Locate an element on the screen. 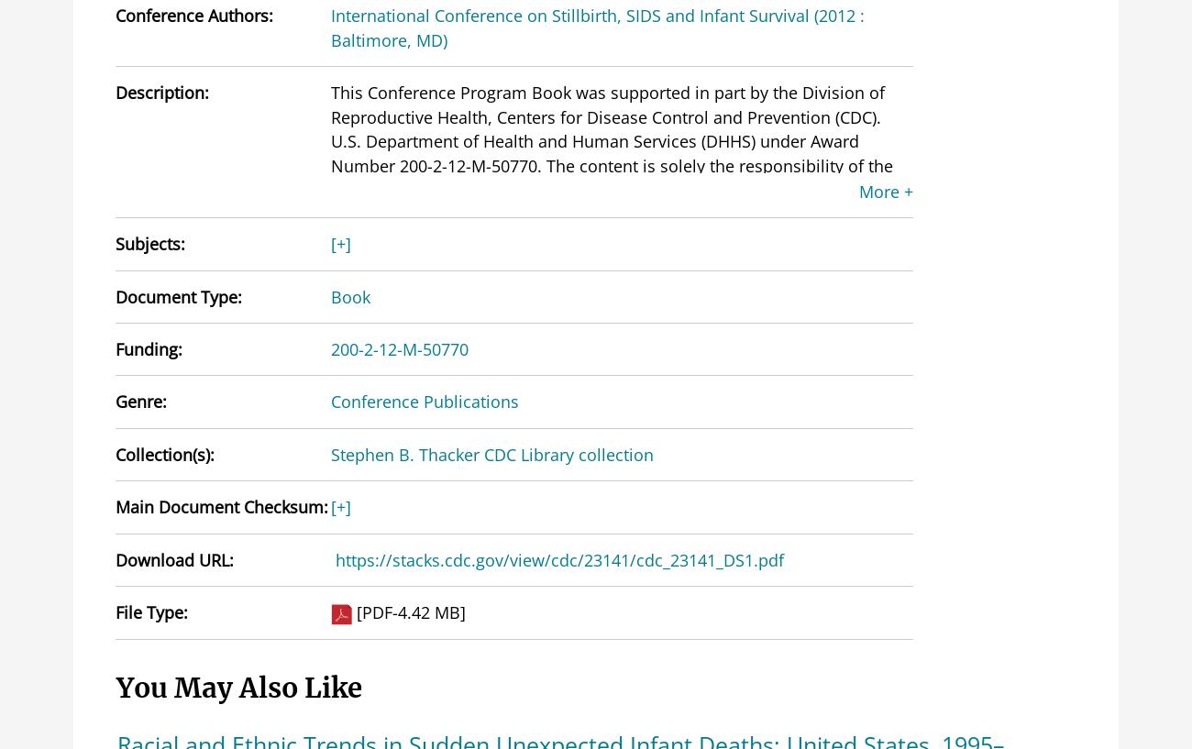  'Download URL:' is located at coordinates (174, 558).